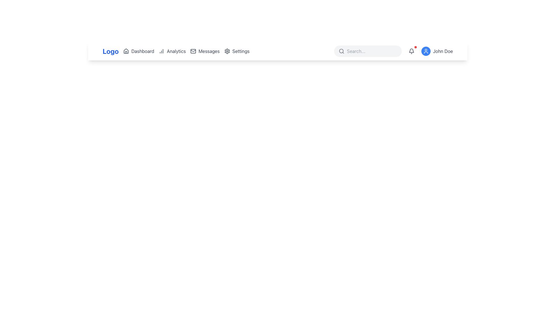  I want to click on the search button icon located to the far left within the rounded search bar in the top-right area of the page, so click(342, 51).